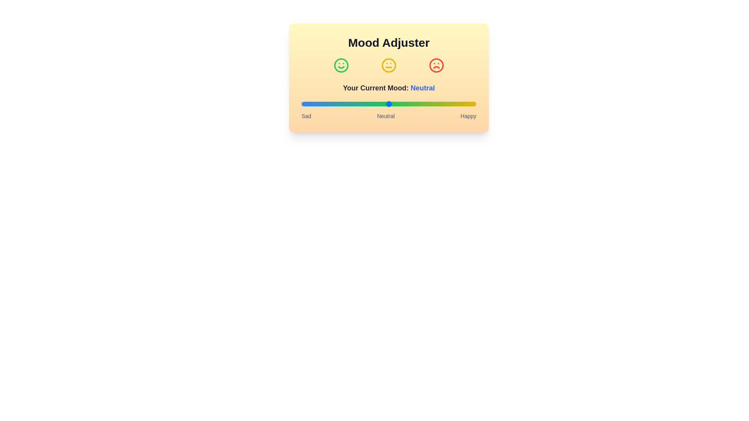 Image resolution: width=749 pixels, height=421 pixels. Describe the element at coordinates (452, 103) in the screenshot. I see `the mood slider to the desired level 86` at that location.